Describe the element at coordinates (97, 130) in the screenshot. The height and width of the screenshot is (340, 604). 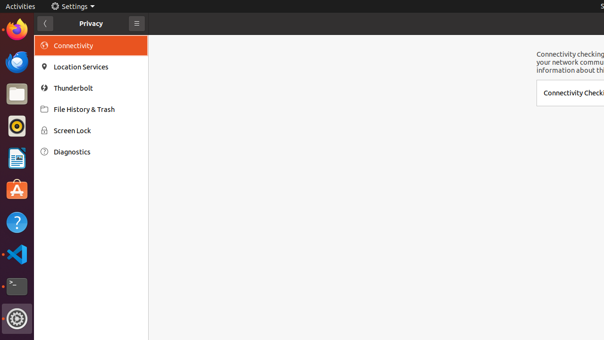
I see `'Screen Lock'` at that location.